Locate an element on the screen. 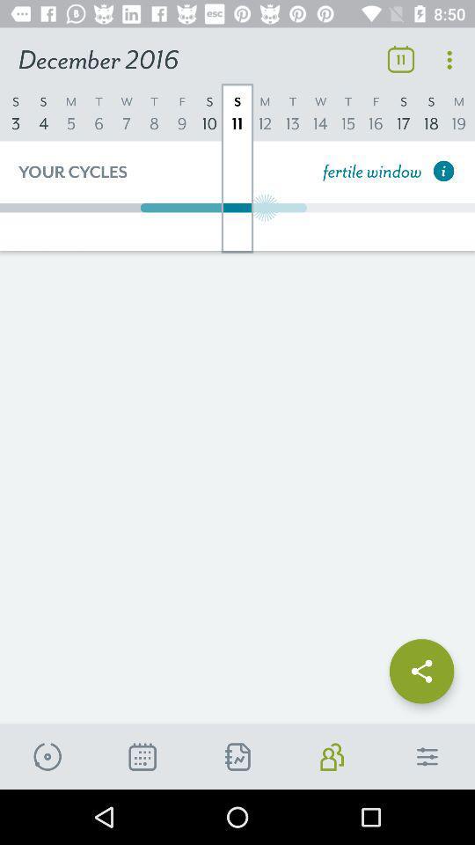 The image size is (475, 845). share the page is located at coordinates (420, 665).